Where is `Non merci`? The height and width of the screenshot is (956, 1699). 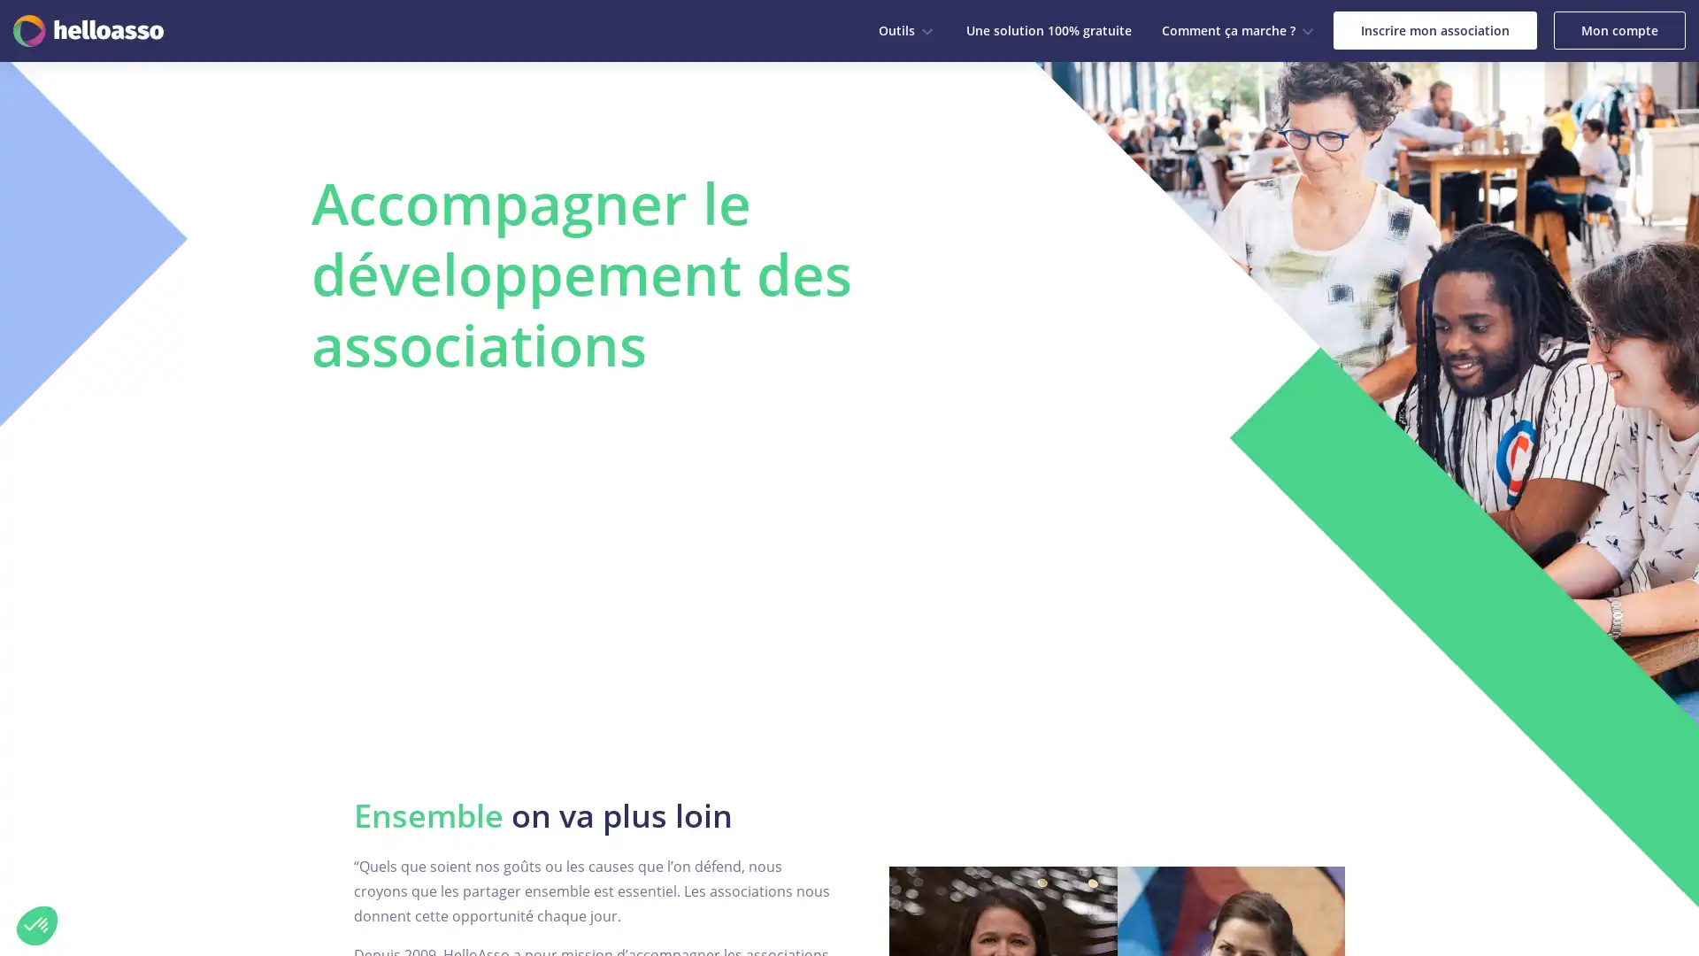
Non merci is located at coordinates (79, 866).